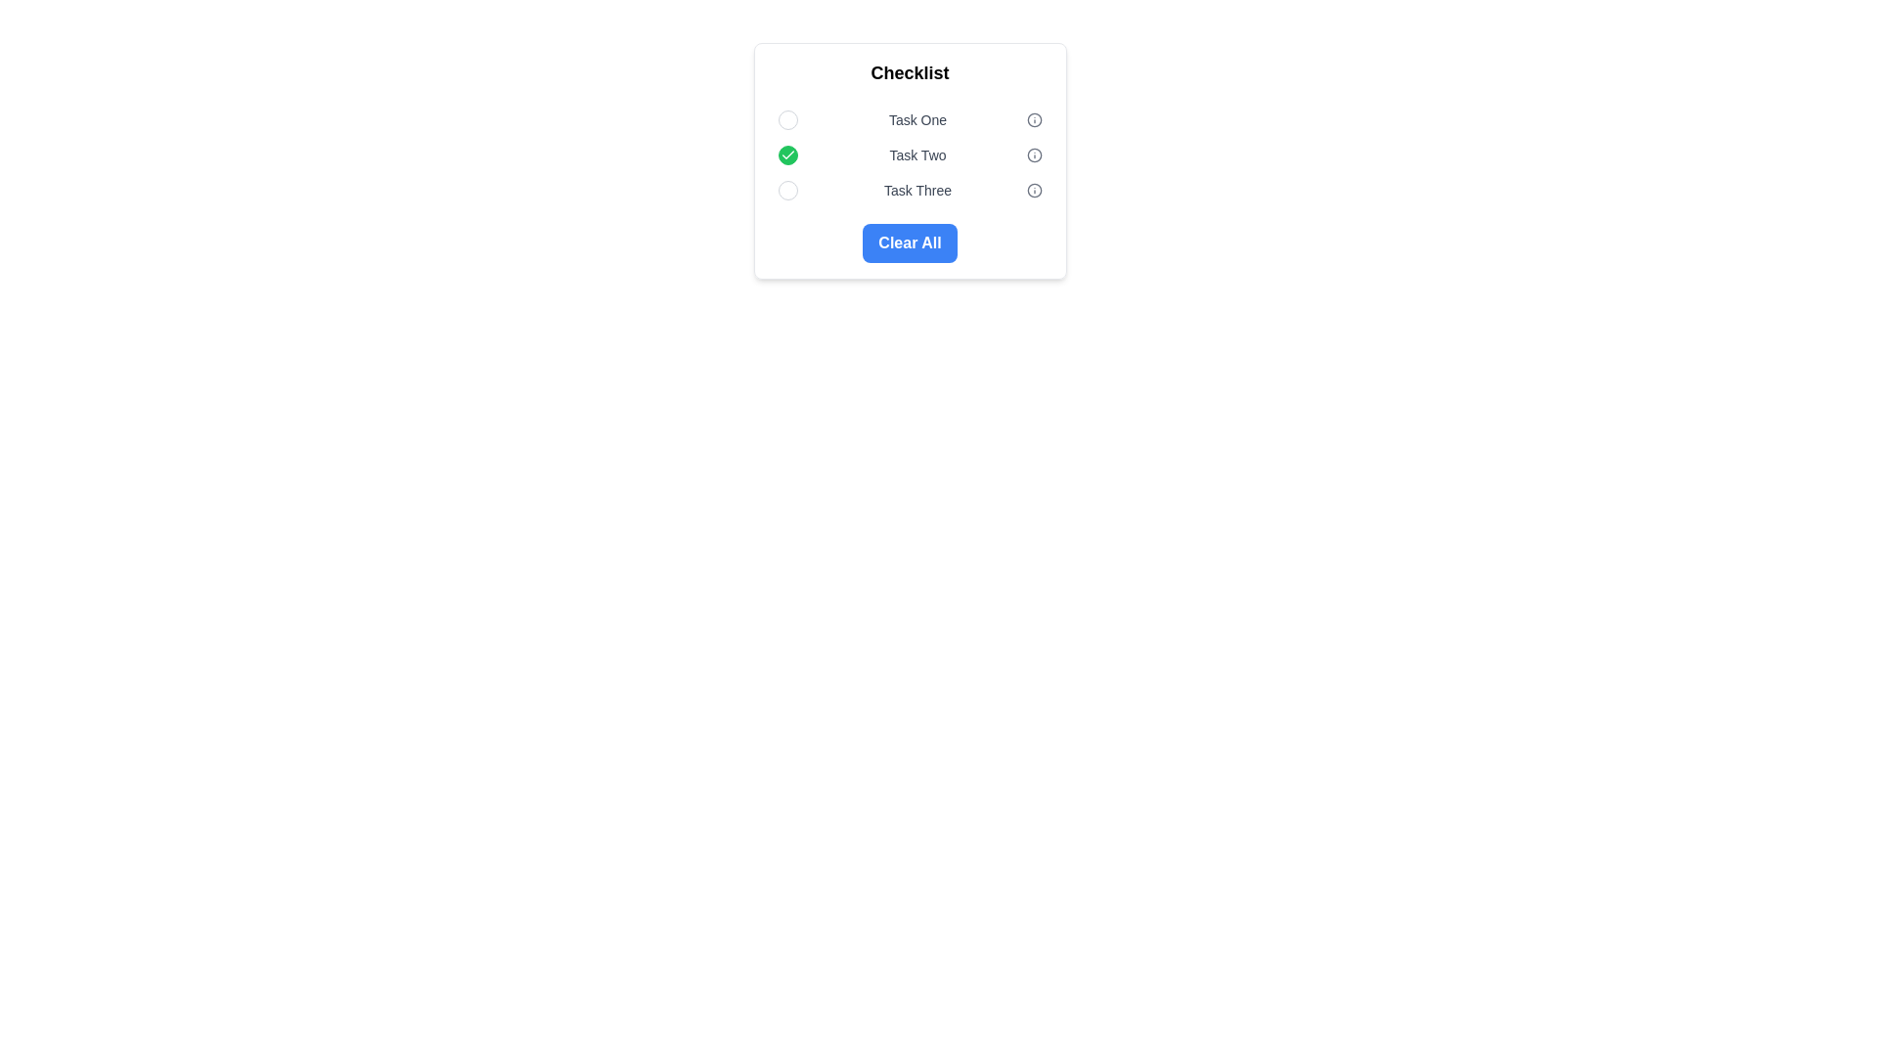 Image resolution: width=1878 pixels, height=1056 pixels. Describe the element at coordinates (917, 120) in the screenshot. I see `the text label displaying 'Task One' in gray color, which is part of a checklist interface and positioned between a selection checkbox and an additional information icon` at that location.